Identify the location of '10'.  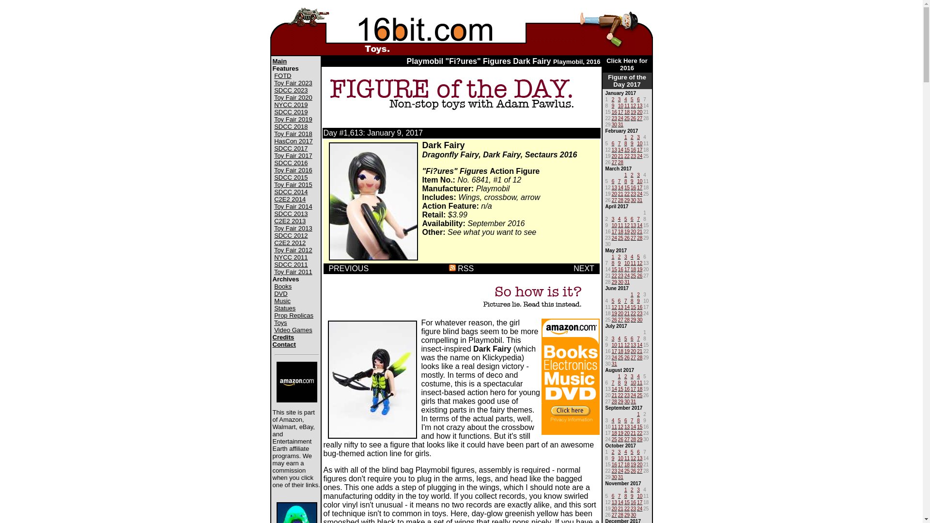
(639, 142).